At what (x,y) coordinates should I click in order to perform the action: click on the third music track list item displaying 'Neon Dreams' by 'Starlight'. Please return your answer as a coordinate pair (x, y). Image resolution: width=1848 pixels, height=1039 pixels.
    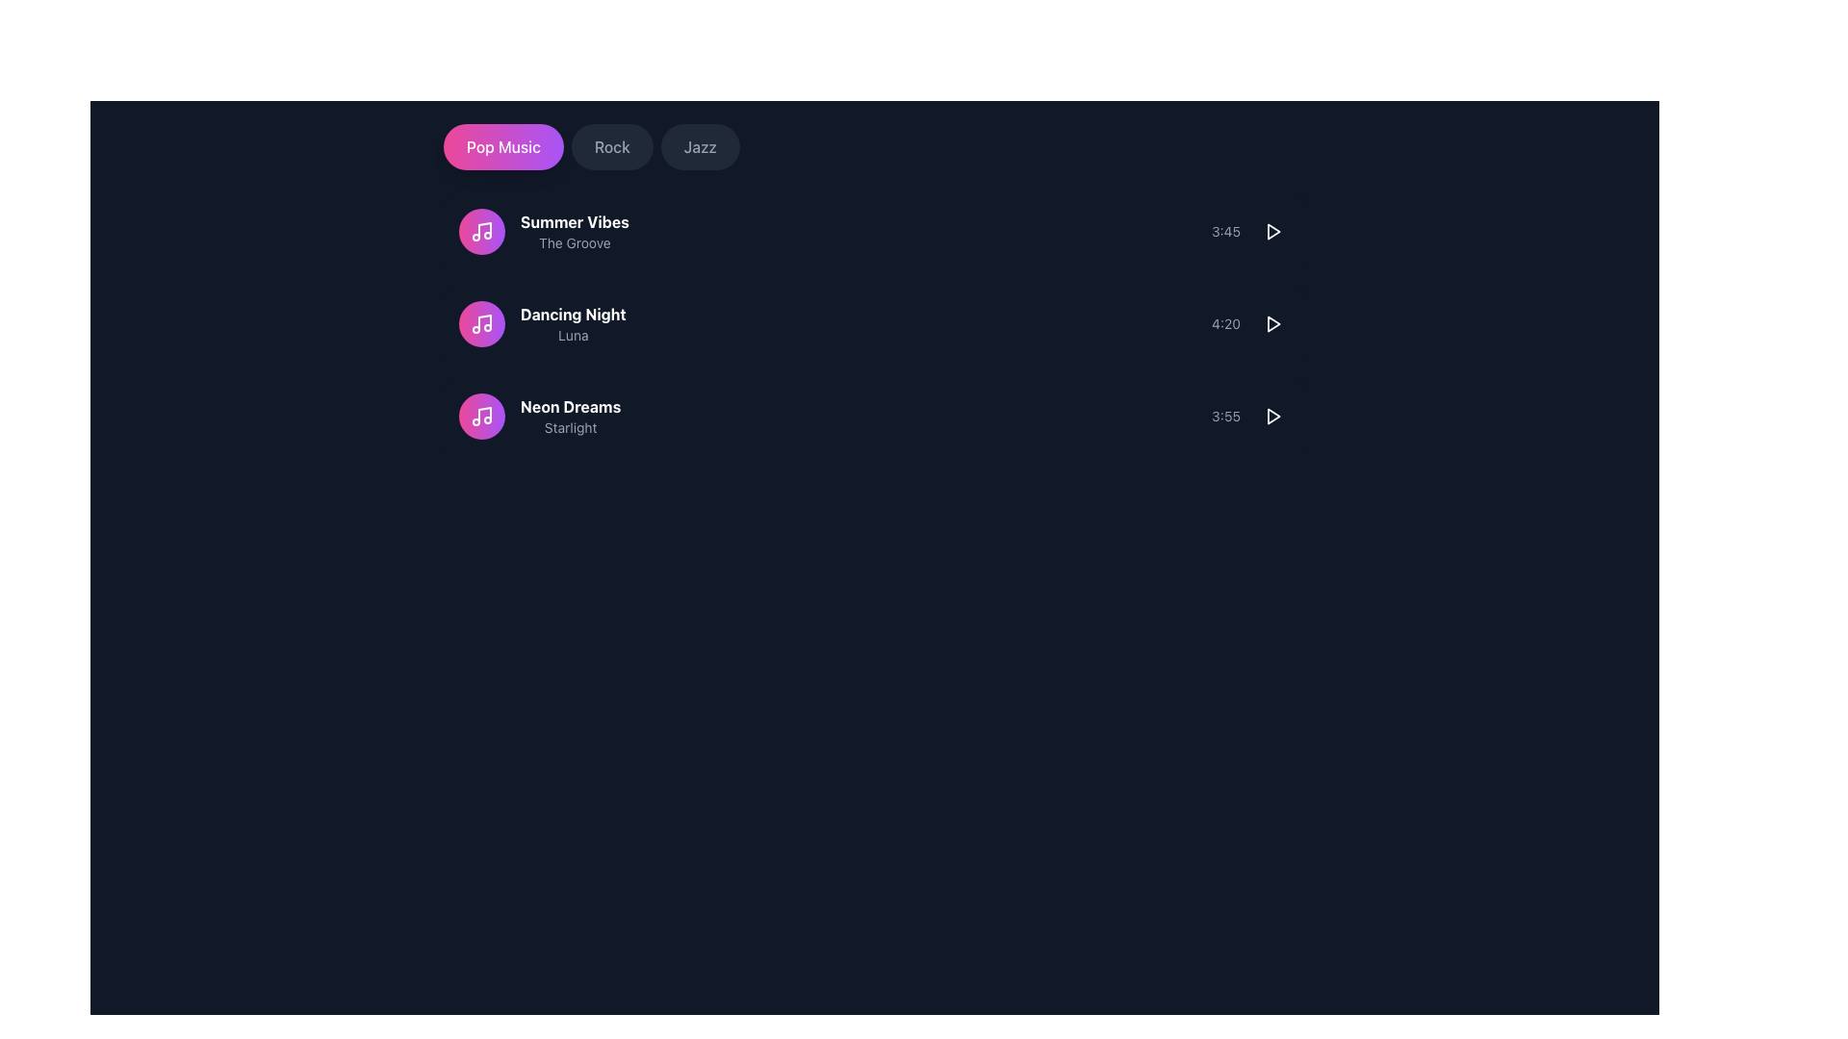
    Looking at the image, I should click on (835, 415).